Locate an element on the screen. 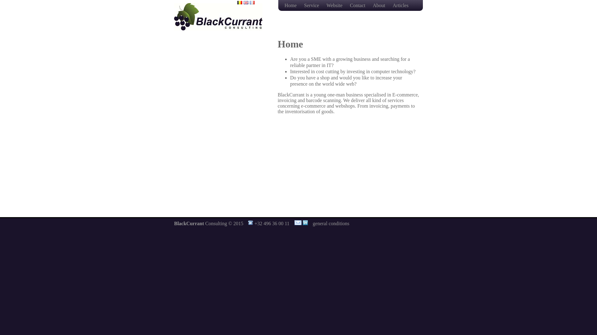  'Home' is located at coordinates (291, 5).